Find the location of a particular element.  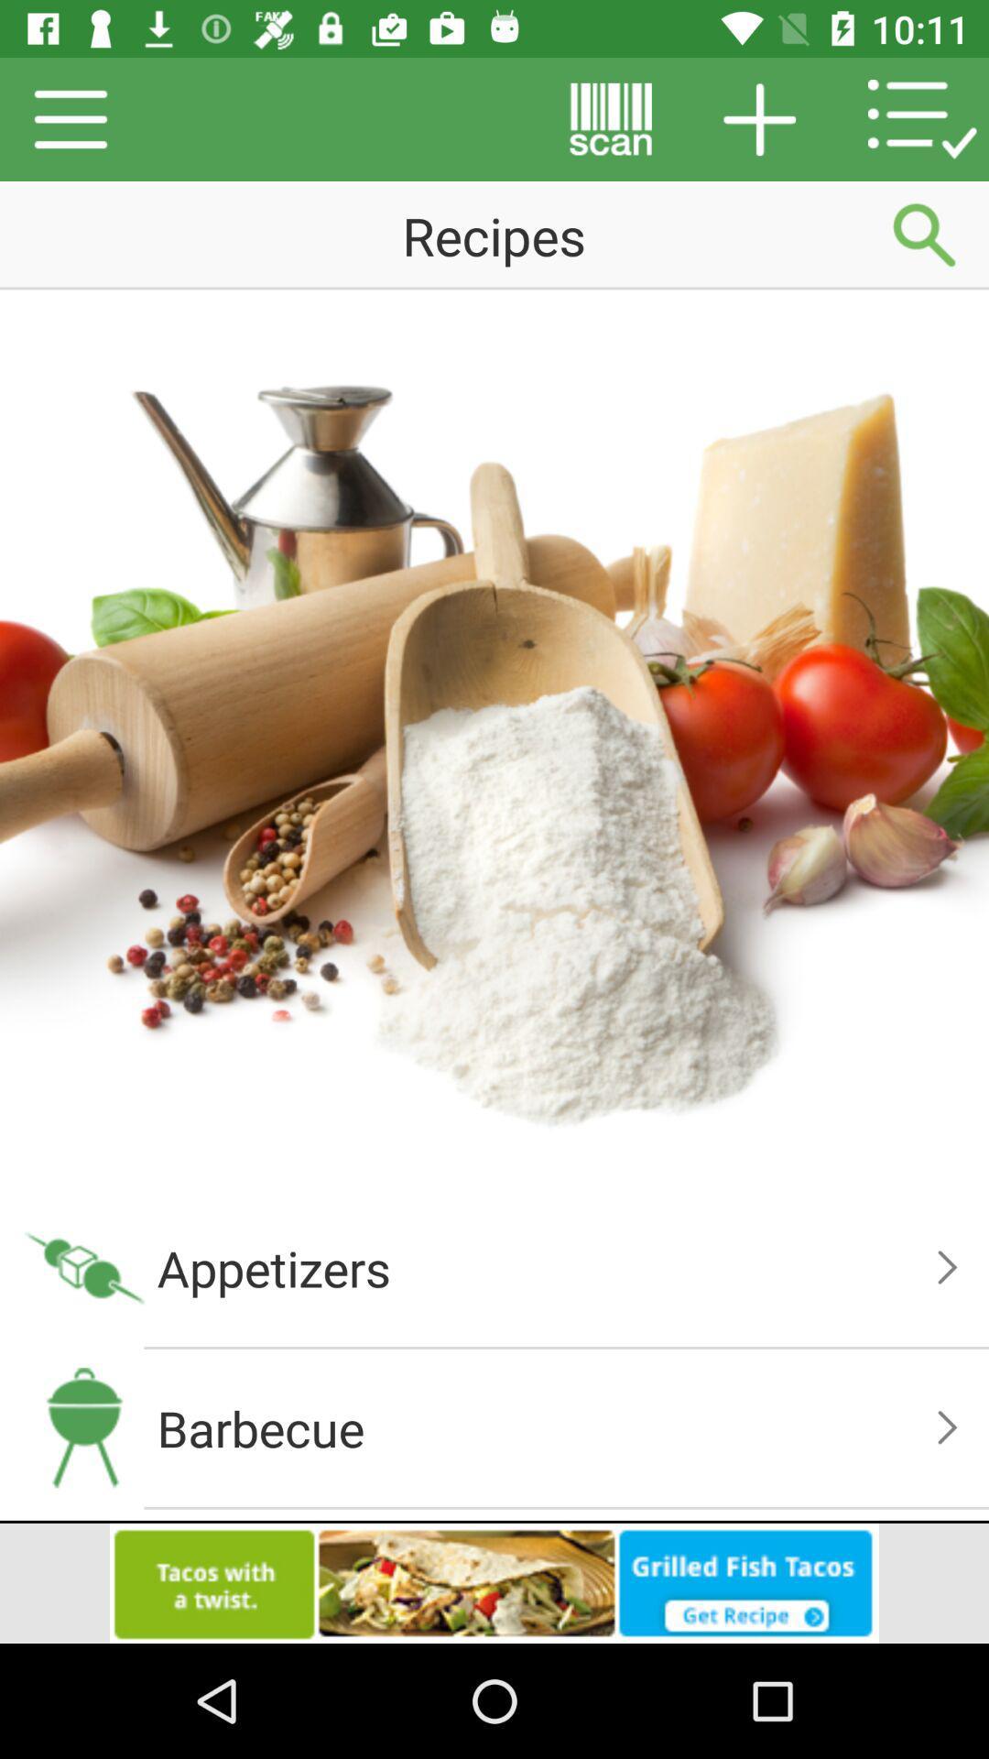

the menu icon is located at coordinates (71, 118).